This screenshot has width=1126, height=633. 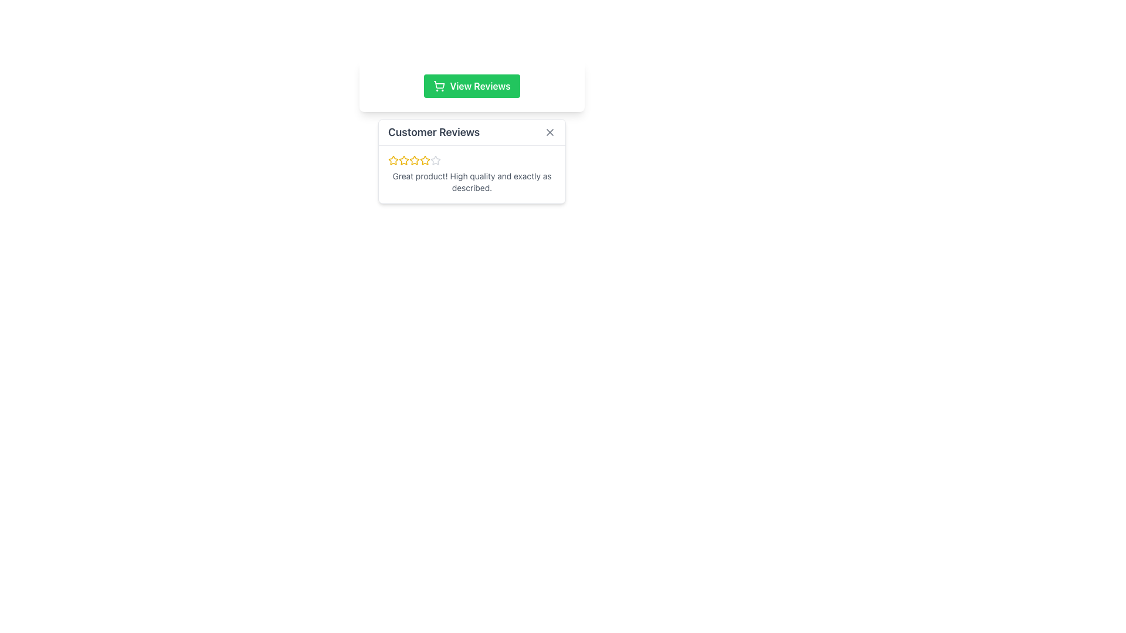 I want to click on the shopping cart icon, which is a green outlined SVG graphic located within the 'View Reviews' button at the top-central section of the interface, so click(x=439, y=84).